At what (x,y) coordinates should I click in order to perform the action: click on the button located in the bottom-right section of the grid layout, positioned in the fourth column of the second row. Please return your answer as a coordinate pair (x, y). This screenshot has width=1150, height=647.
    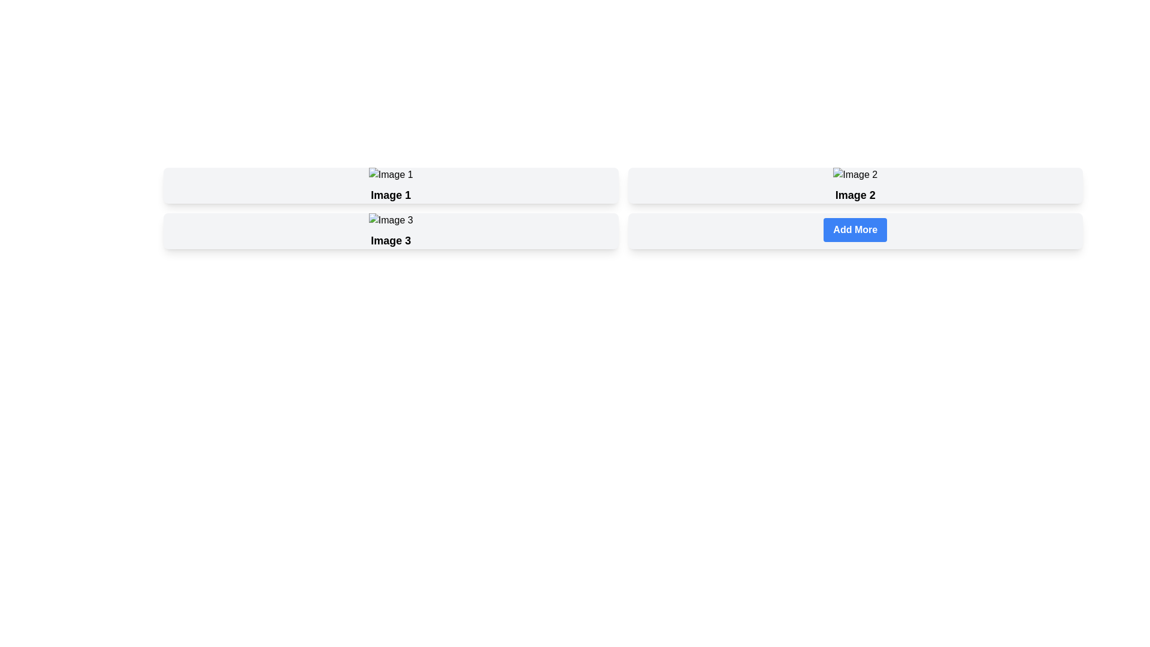
    Looking at the image, I should click on (855, 231).